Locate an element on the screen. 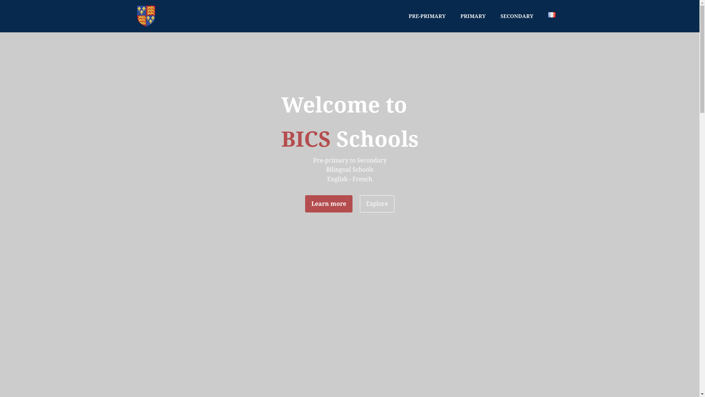 This screenshot has height=397, width=705. 'PRE-PRIMARY' is located at coordinates (427, 16).